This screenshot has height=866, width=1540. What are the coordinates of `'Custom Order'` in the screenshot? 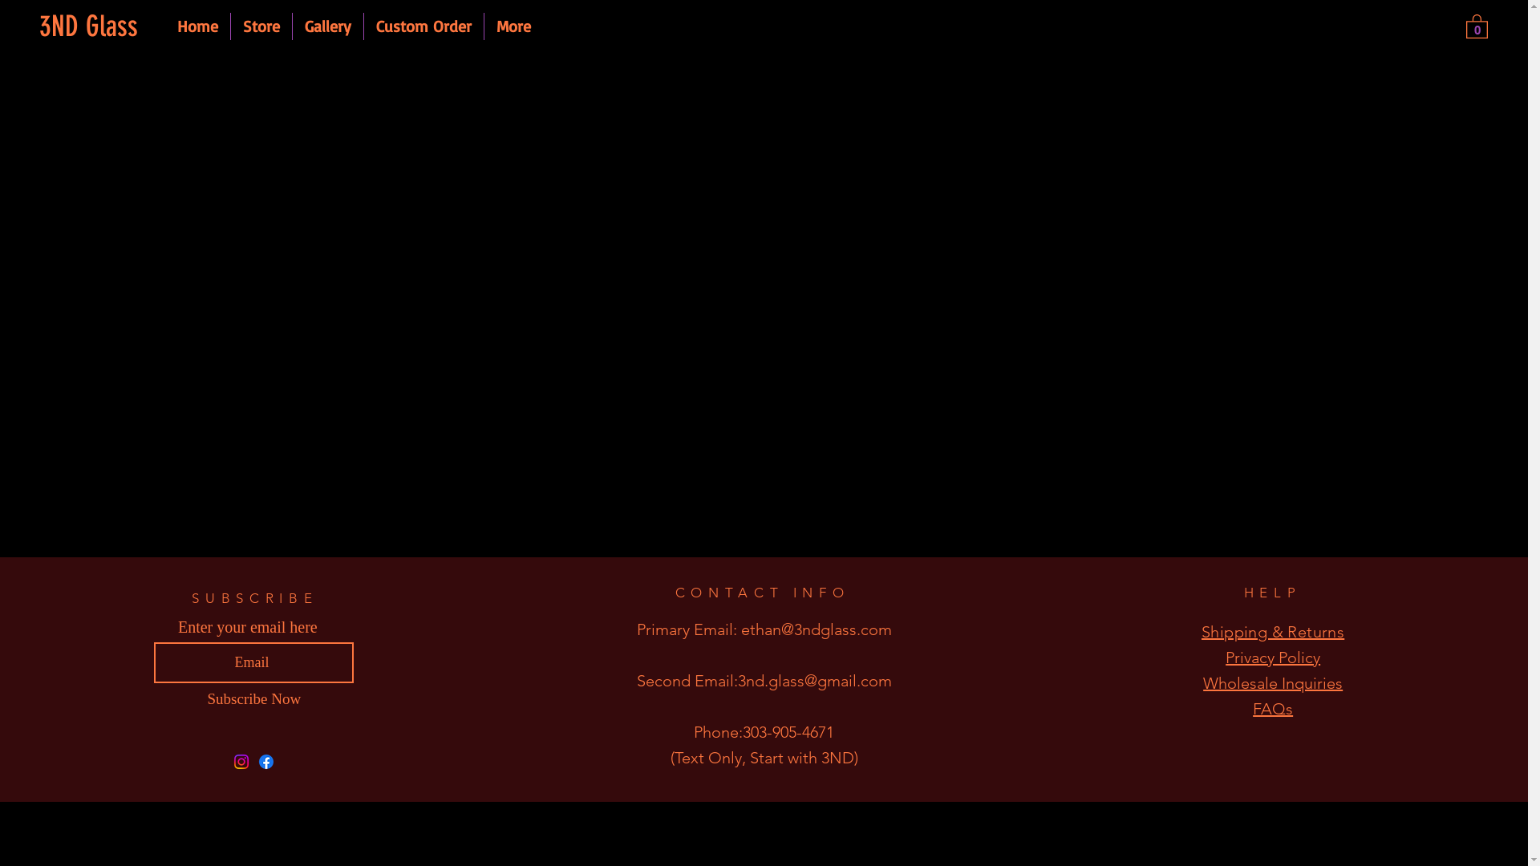 It's located at (423, 26).